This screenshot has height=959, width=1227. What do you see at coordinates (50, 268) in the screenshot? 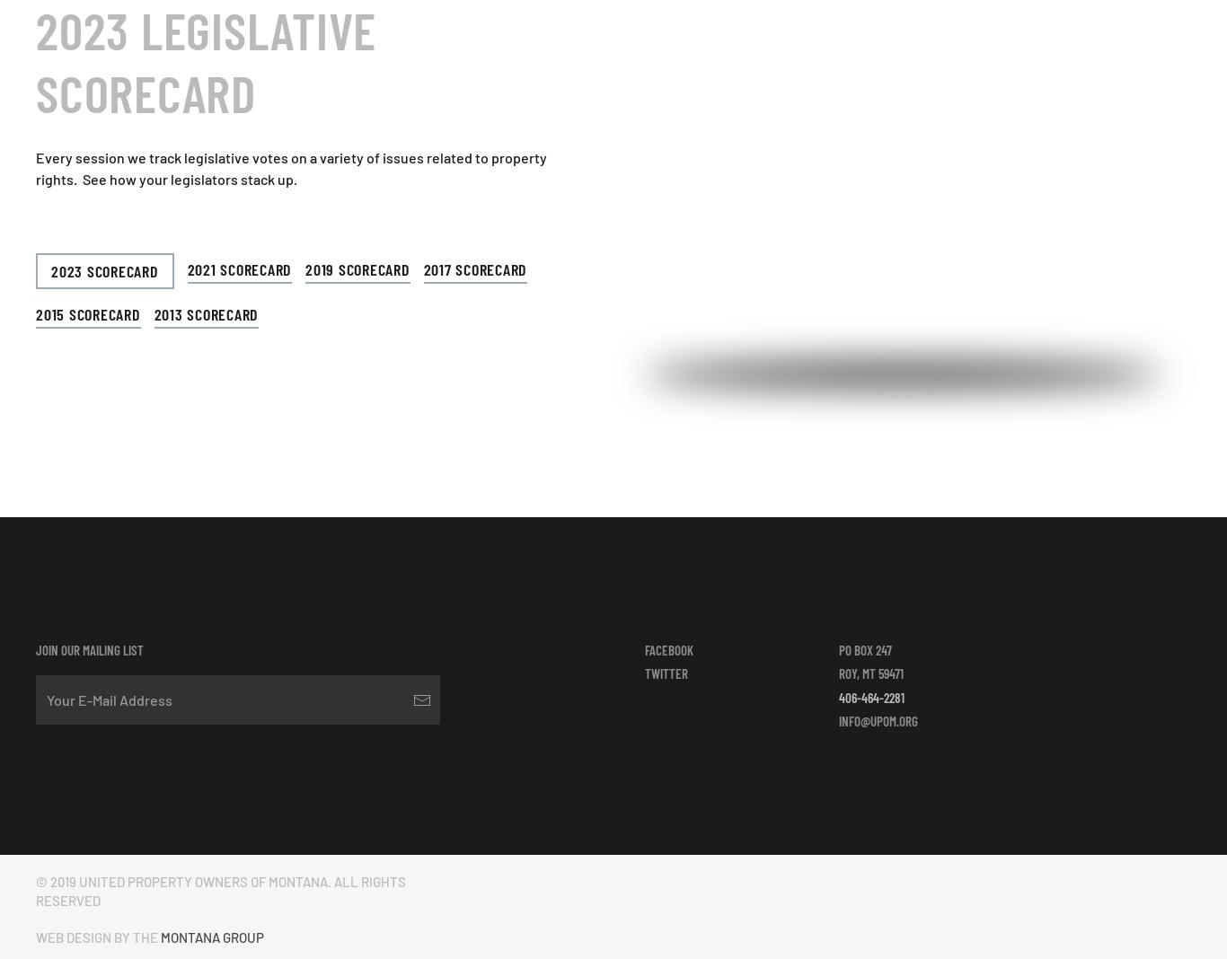
I see `'2023 Scorecard'` at bounding box center [50, 268].